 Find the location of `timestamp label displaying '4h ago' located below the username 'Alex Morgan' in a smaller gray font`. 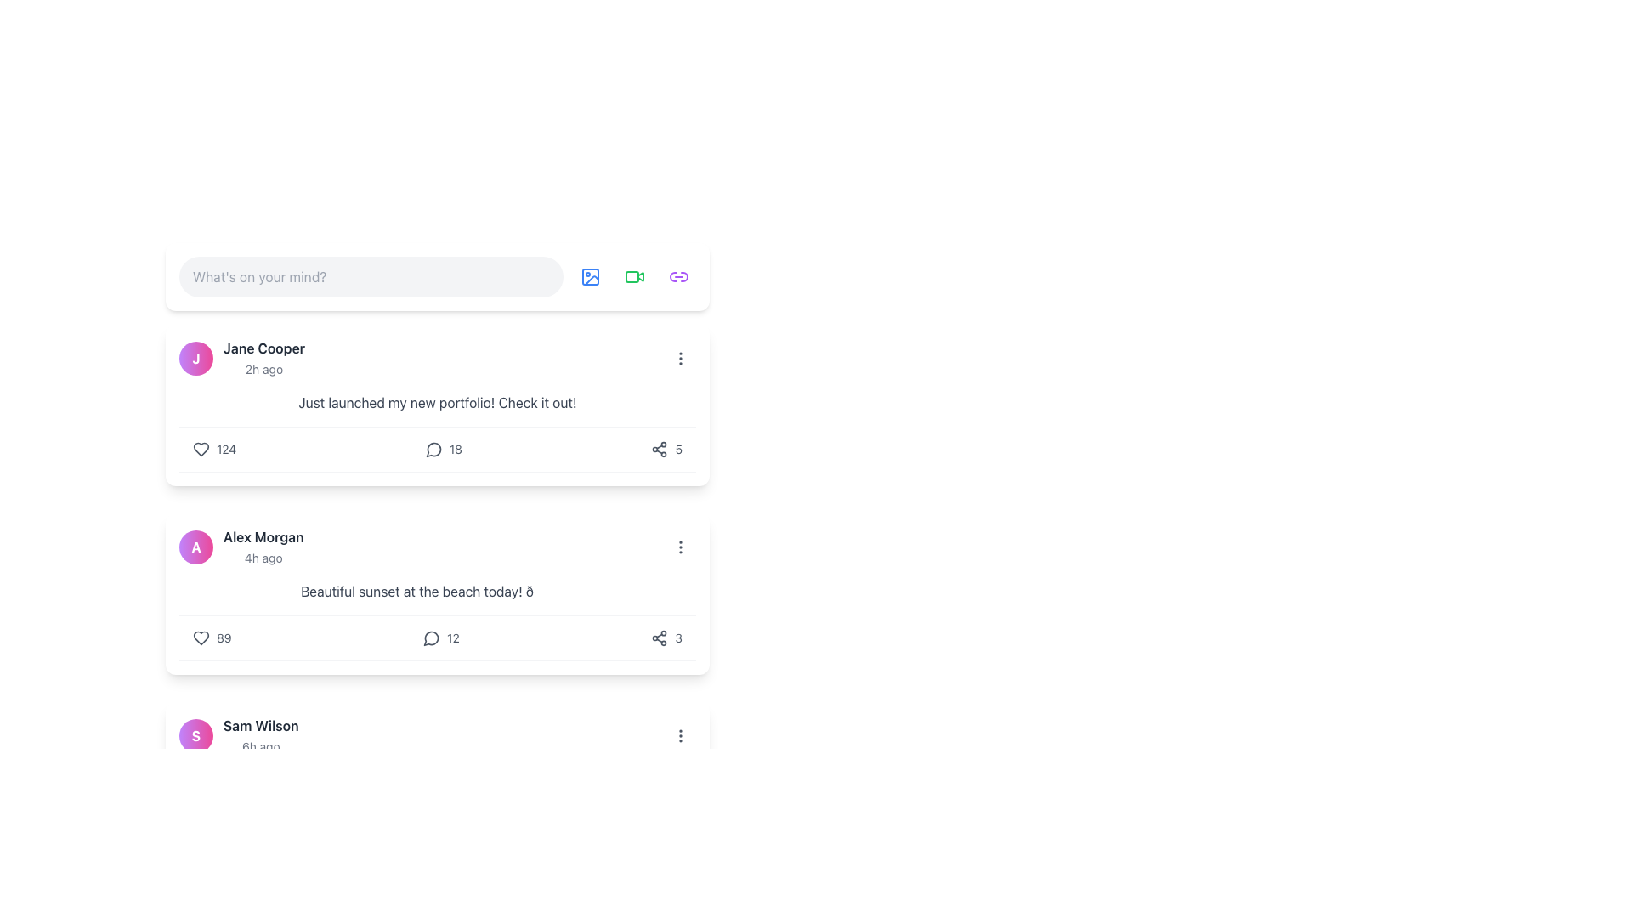

timestamp label displaying '4h ago' located below the username 'Alex Morgan' in a smaller gray font is located at coordinates (263, 558).